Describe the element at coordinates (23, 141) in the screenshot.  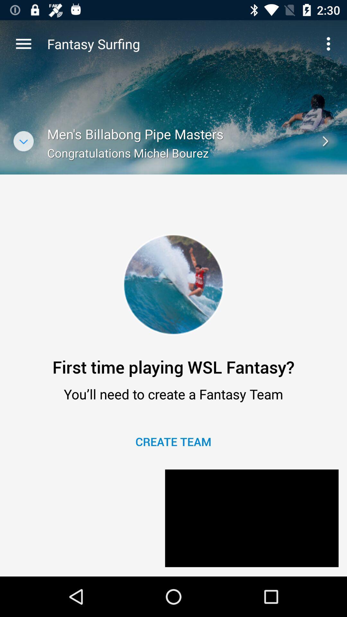
I see `show more information` at that location.